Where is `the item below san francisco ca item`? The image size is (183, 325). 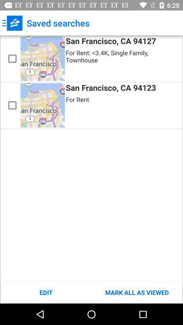
the item below san francisco ca item is located at coordinates (137, 292).